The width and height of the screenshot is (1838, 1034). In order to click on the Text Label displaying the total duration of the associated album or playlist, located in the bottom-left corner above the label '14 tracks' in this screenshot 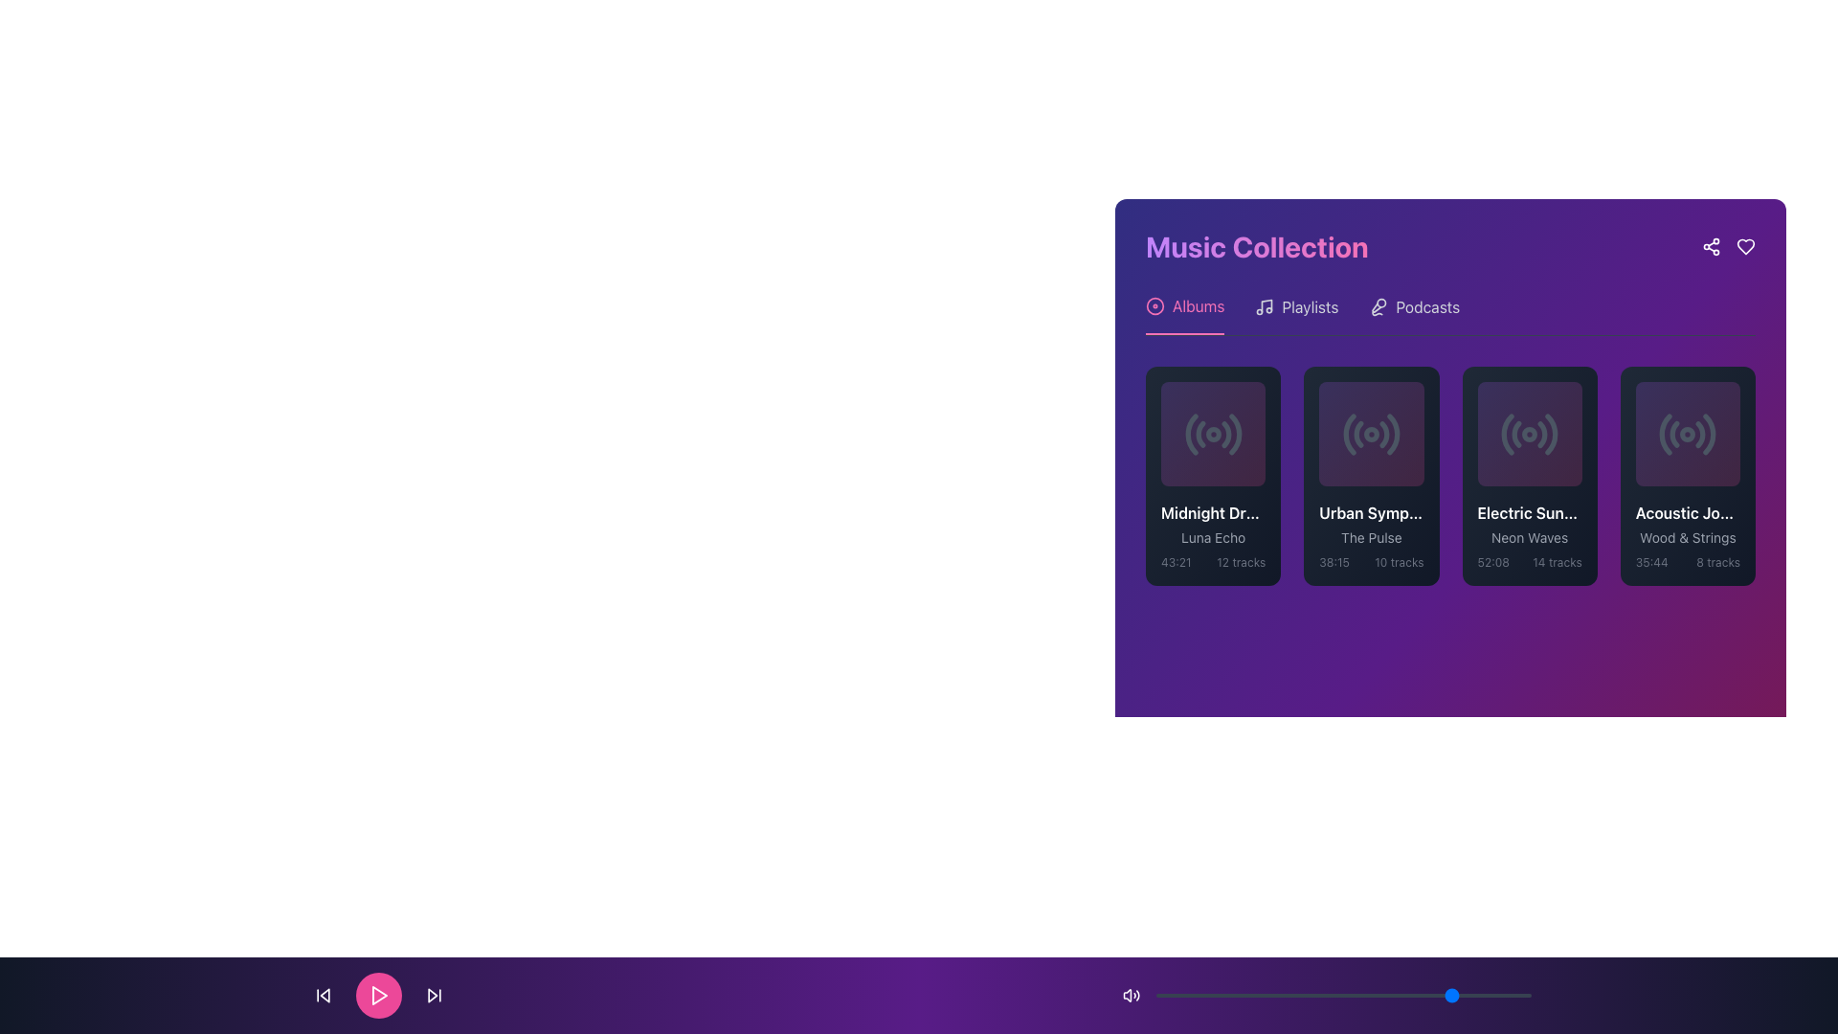, I will do `click(1492, 562)`.